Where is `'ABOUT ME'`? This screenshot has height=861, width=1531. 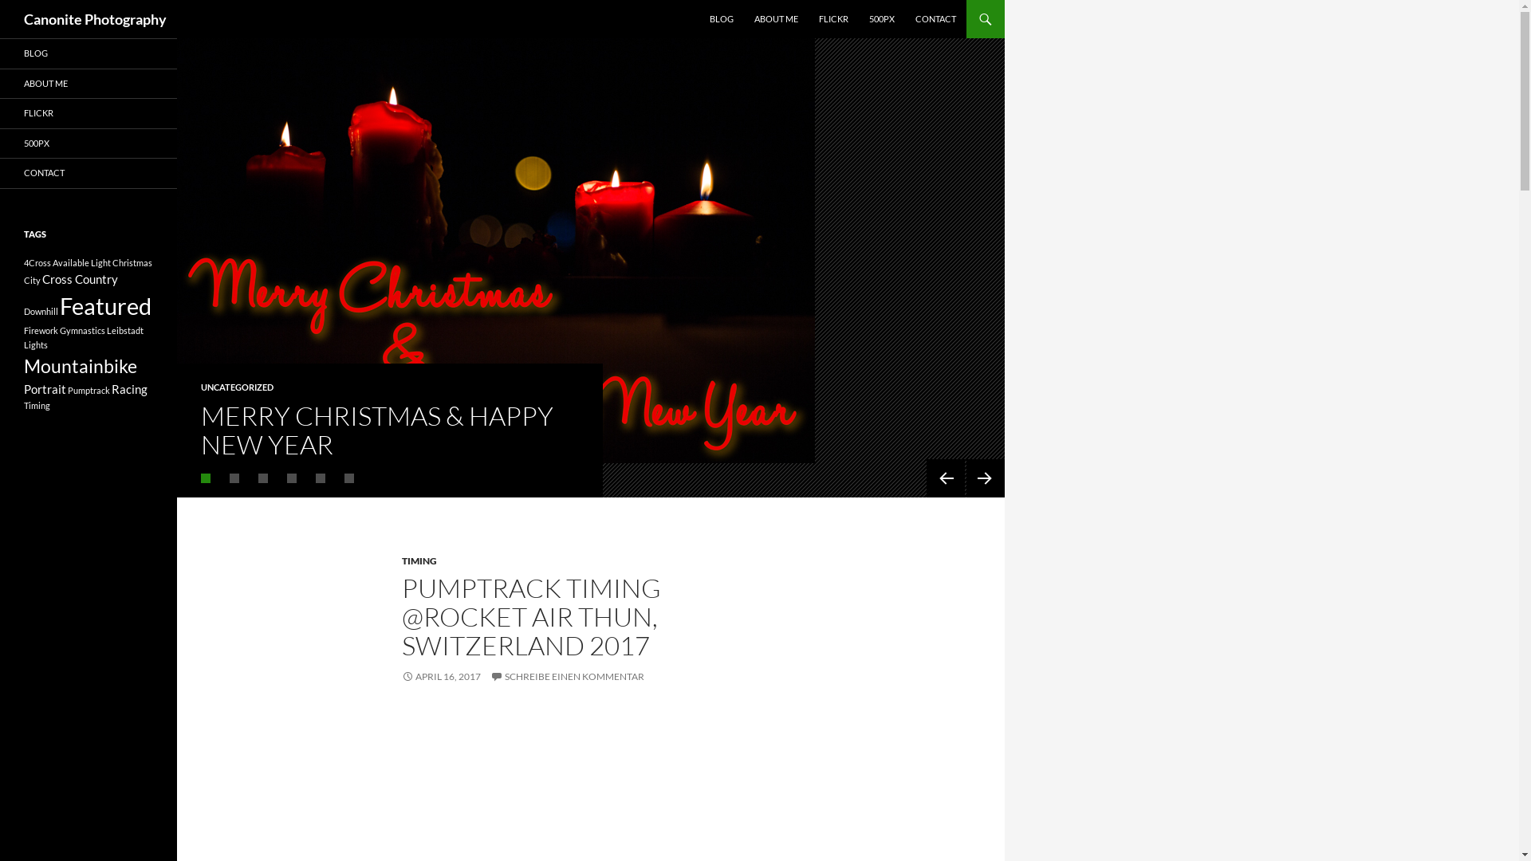 'ABOUT ME' is located at coordinates (744, 18).